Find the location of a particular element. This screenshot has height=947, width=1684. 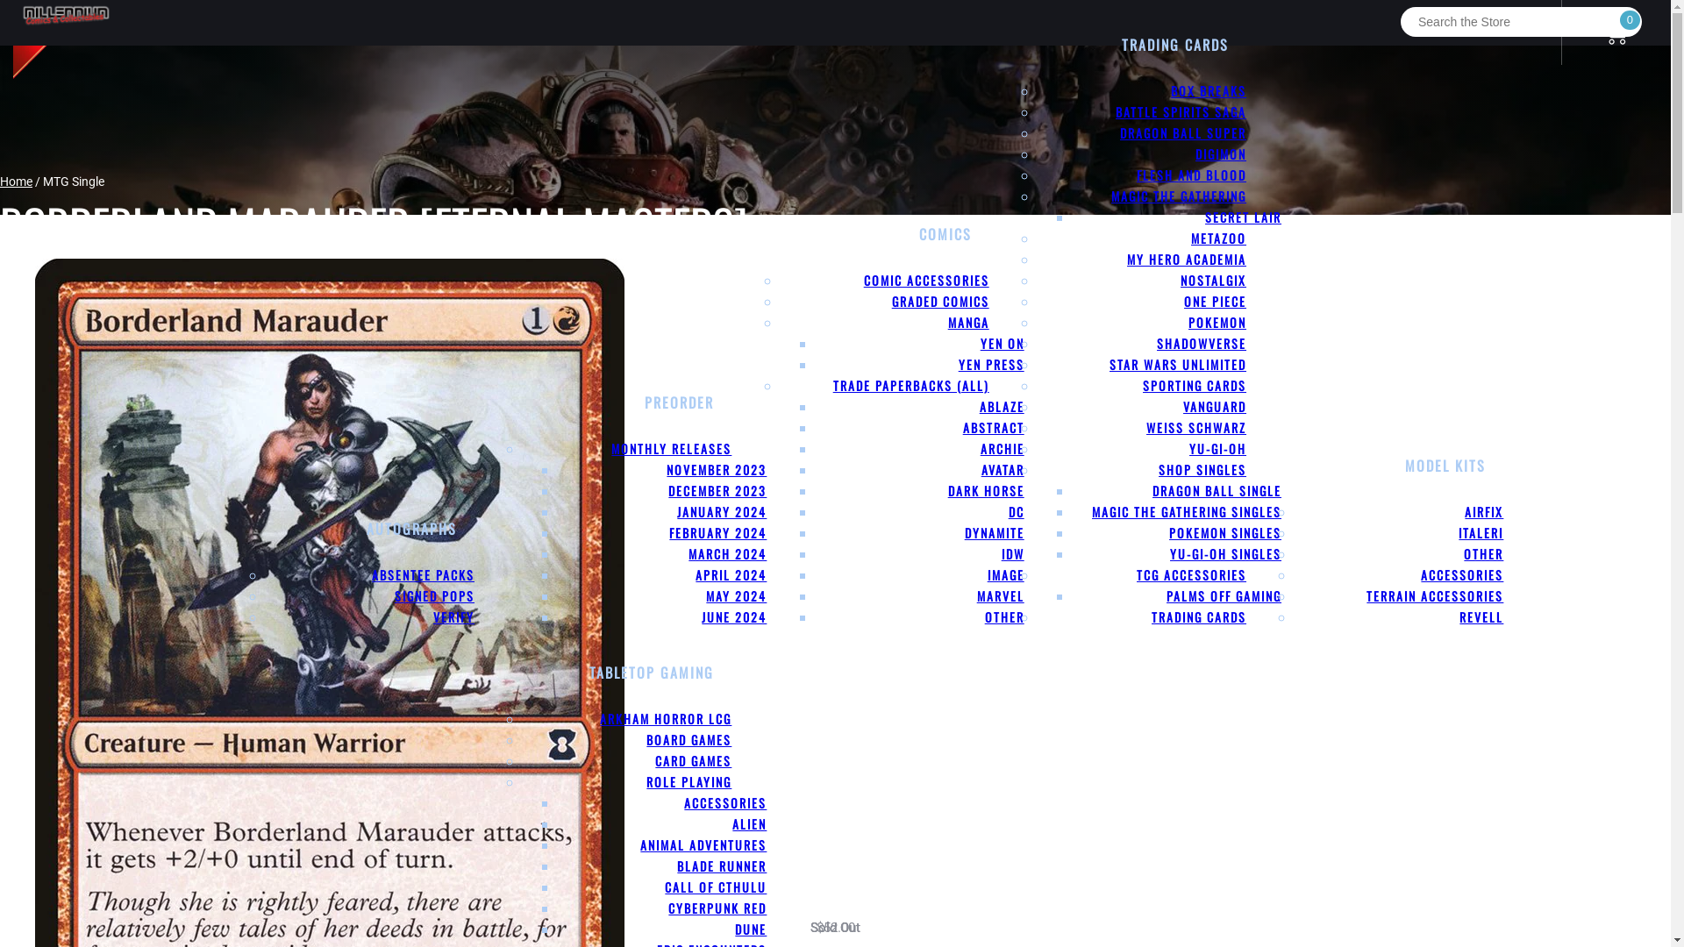

'ANIMAL ADVENTURES' is located at coordinates (703, 844).